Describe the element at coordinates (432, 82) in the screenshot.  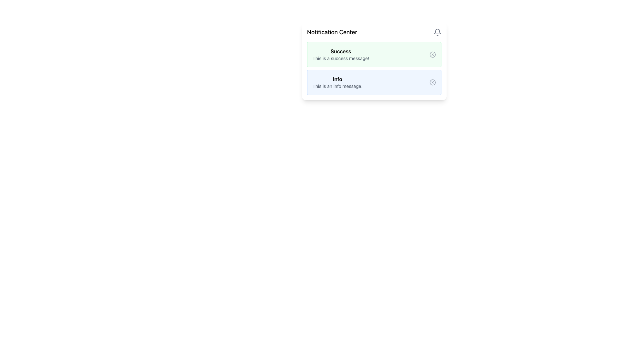
I see `the outer circular component of the delete icon located in the top-right corner of the 'Info' message box` at that location.